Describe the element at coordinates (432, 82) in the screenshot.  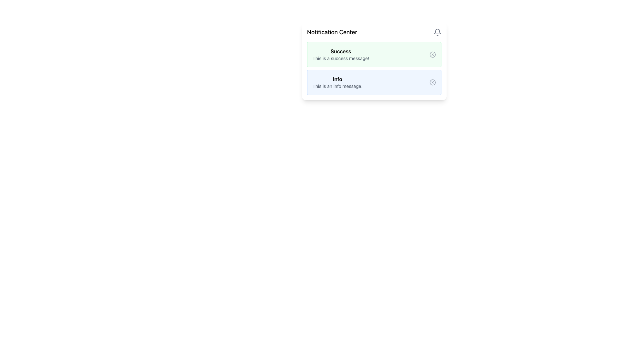
I see `the outer circular component of the delete icon located in the top-right corner of the 'Info' message box` at that location.